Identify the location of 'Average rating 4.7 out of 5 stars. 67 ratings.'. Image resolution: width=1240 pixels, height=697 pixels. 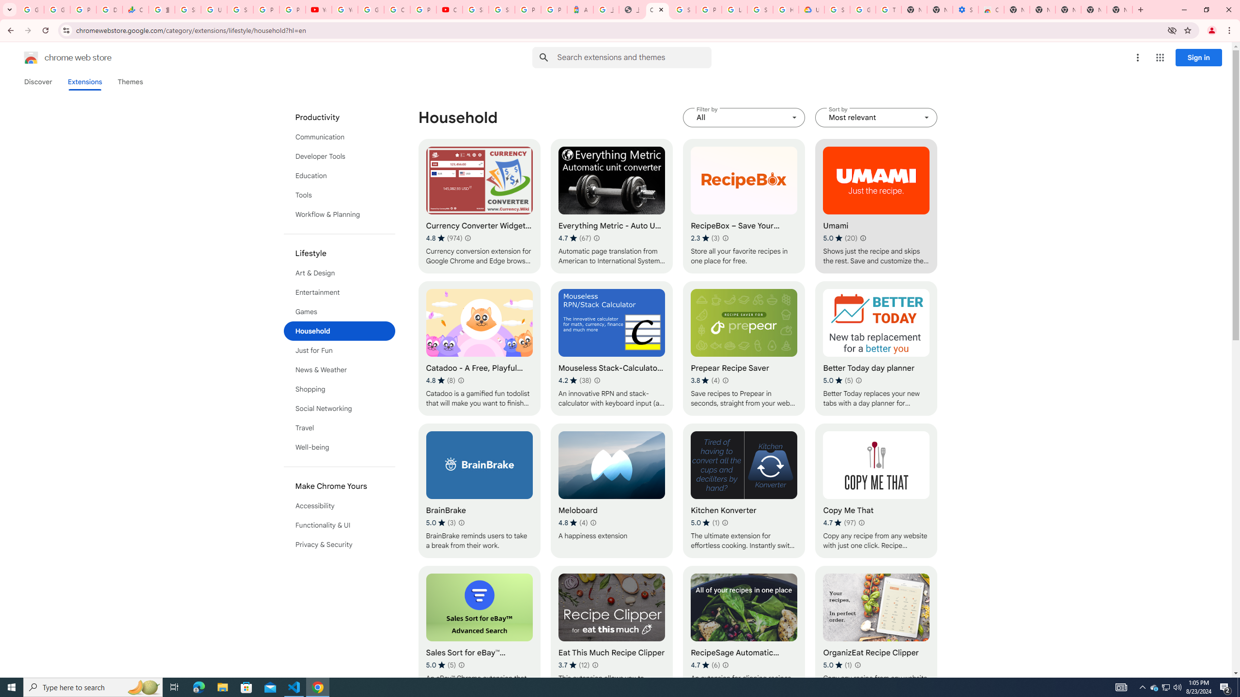
(574, 238).